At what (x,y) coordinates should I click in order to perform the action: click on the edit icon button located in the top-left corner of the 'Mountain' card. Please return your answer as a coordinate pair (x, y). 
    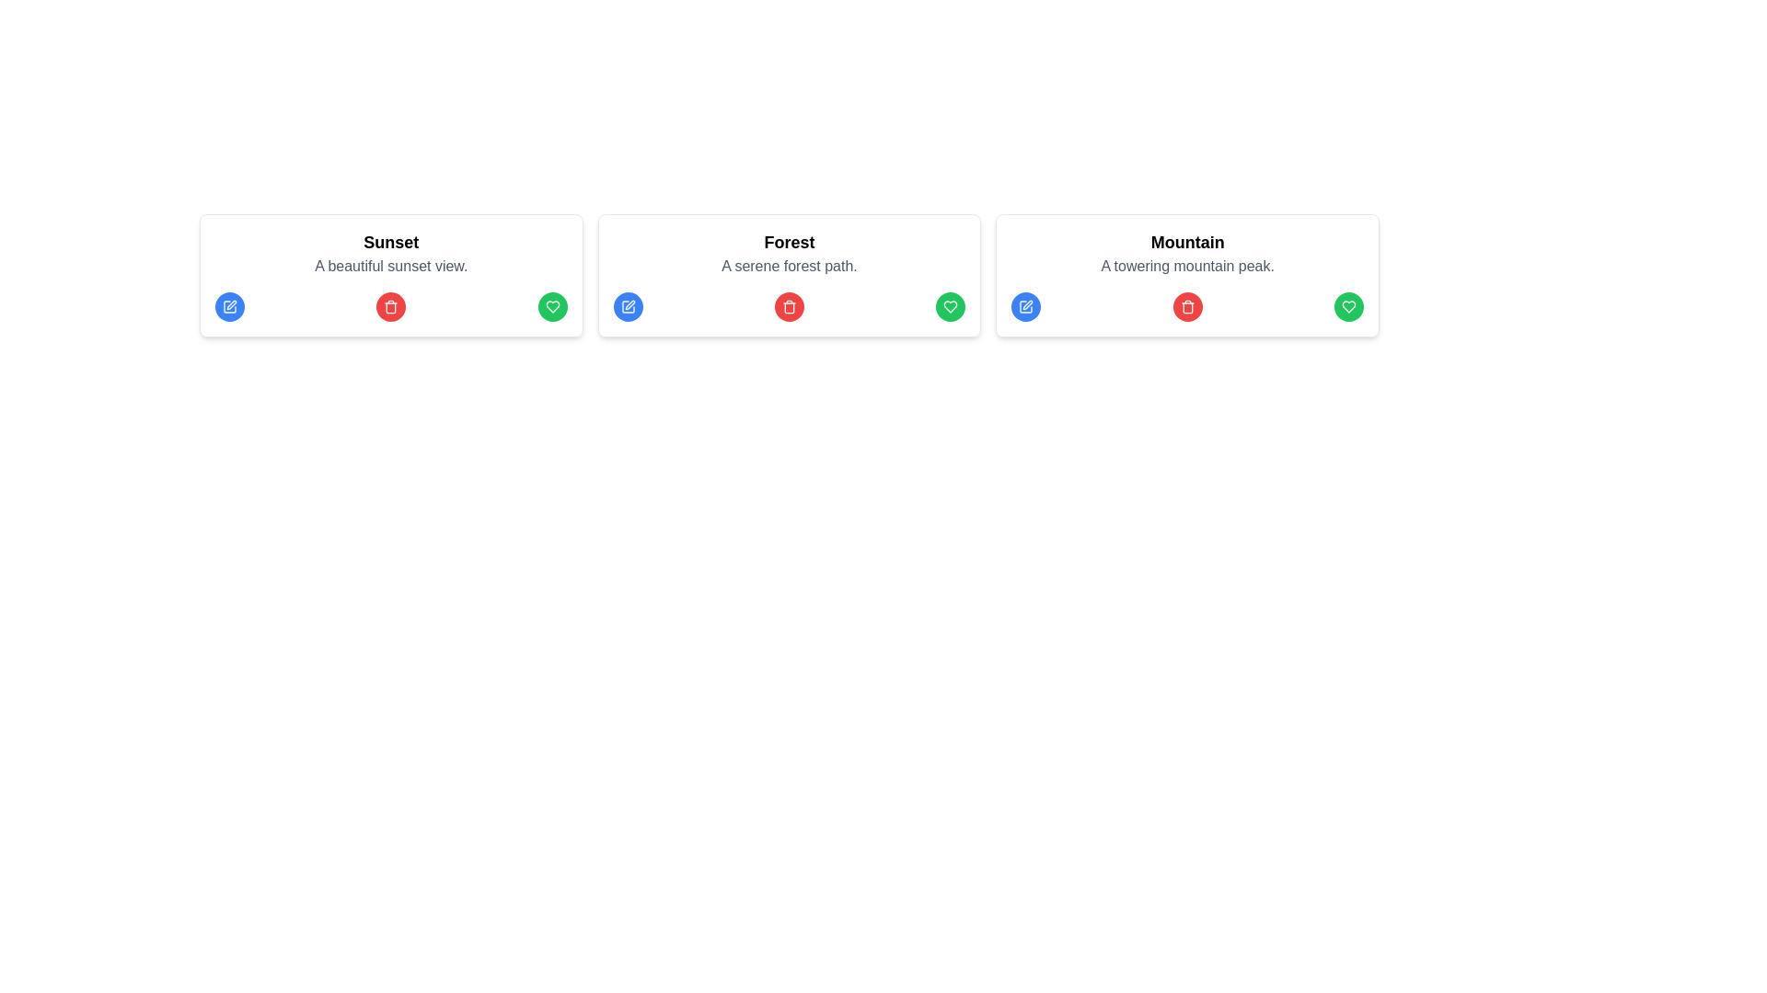
    Looking at the image, I should click on (1025, 306).